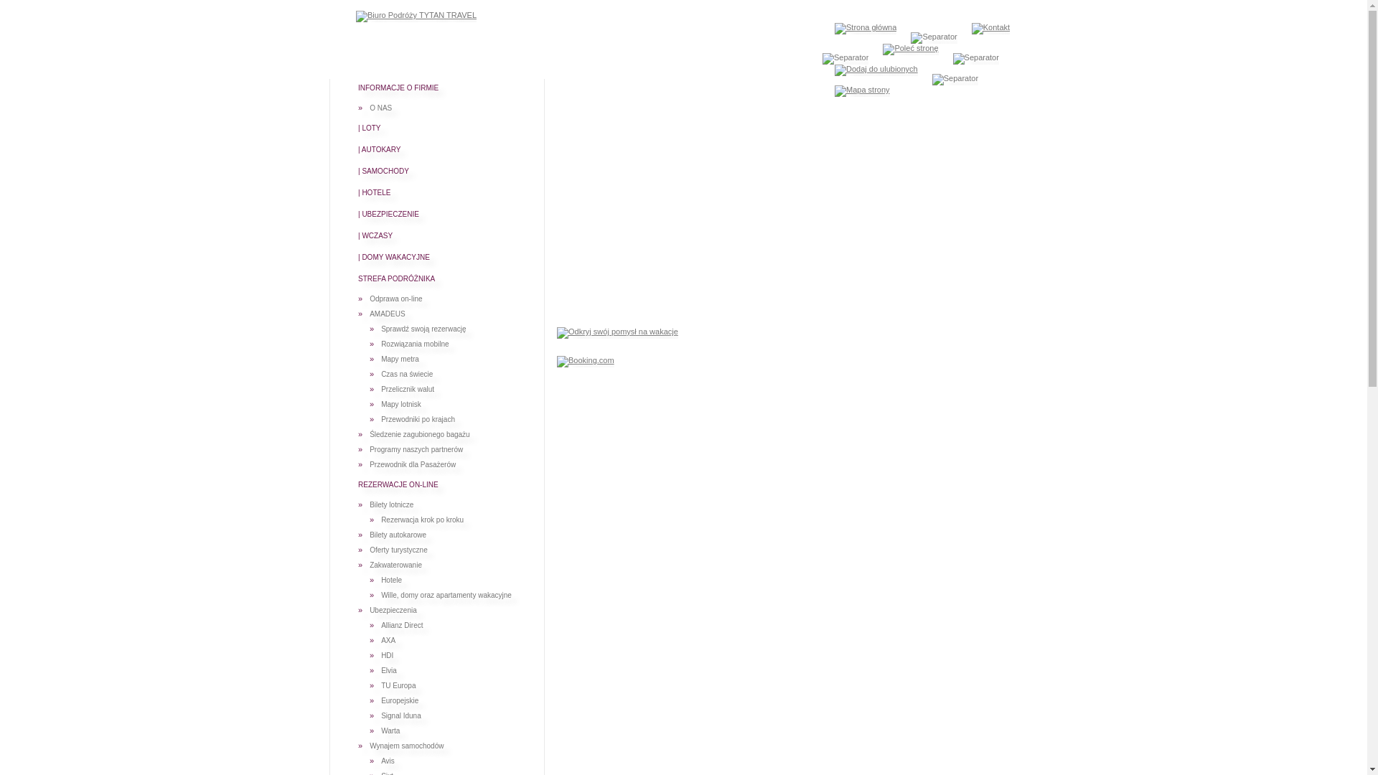 The image size is (1378, 775). I want to click on '| AUTOKARY', so click(379, 149).